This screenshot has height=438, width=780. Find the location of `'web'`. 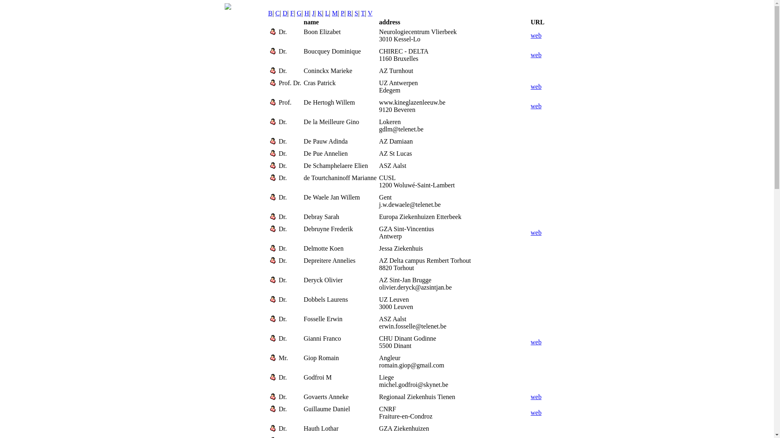

'web' is located at coordinates (530, 35).